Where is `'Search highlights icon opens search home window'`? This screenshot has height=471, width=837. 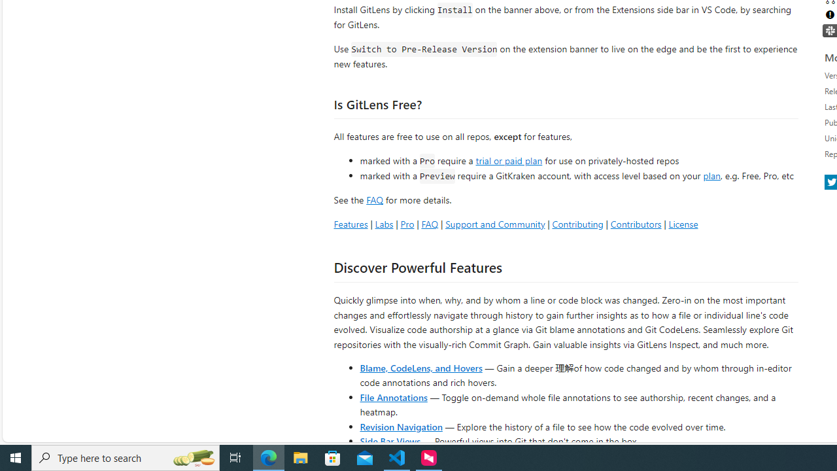
'Search highlights icon opens search home window' is located at coordinates (192, 457).